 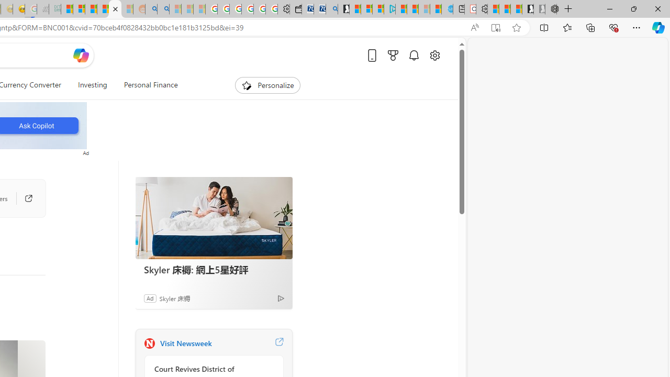 I want to click on 'Microsoft Start - Sleeping', so click(x=424, y=9).